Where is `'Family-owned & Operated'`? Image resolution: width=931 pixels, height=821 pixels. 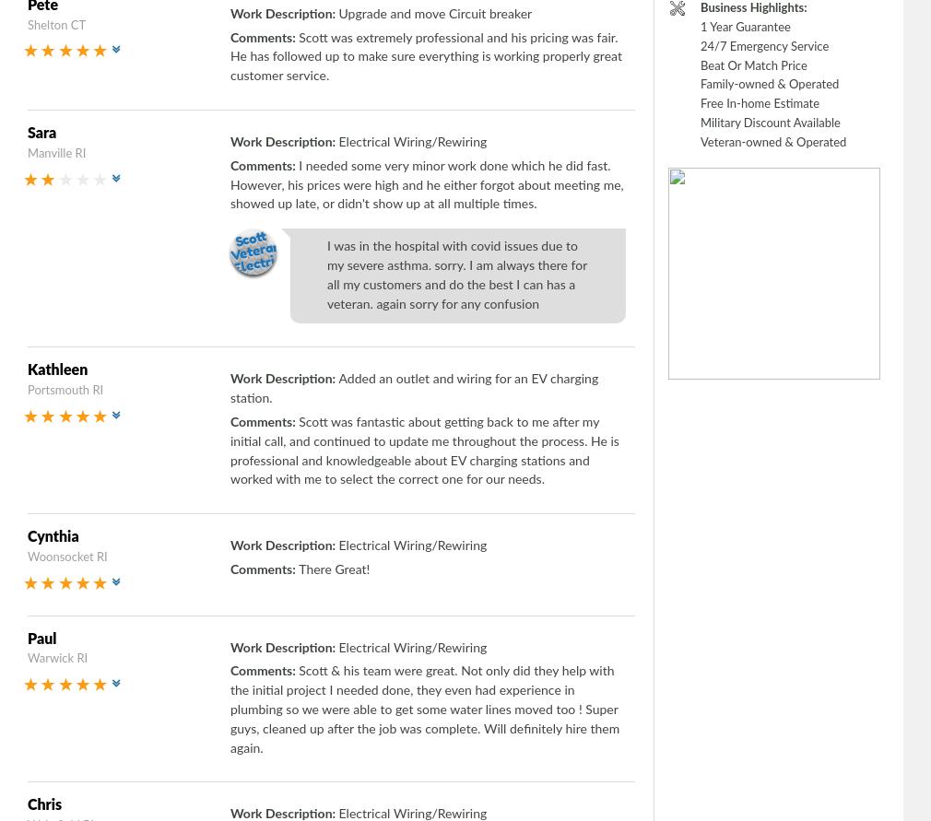 'Family-owned & Operated' is located at coordinates (769, 84).